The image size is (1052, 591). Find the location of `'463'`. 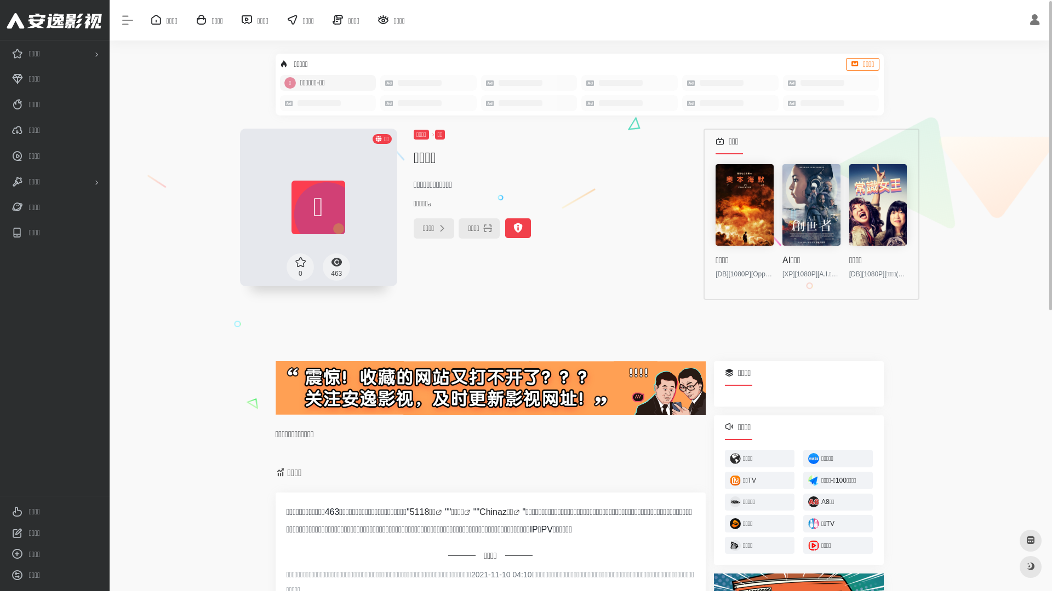

'463' is located at coordinates (336, 266).